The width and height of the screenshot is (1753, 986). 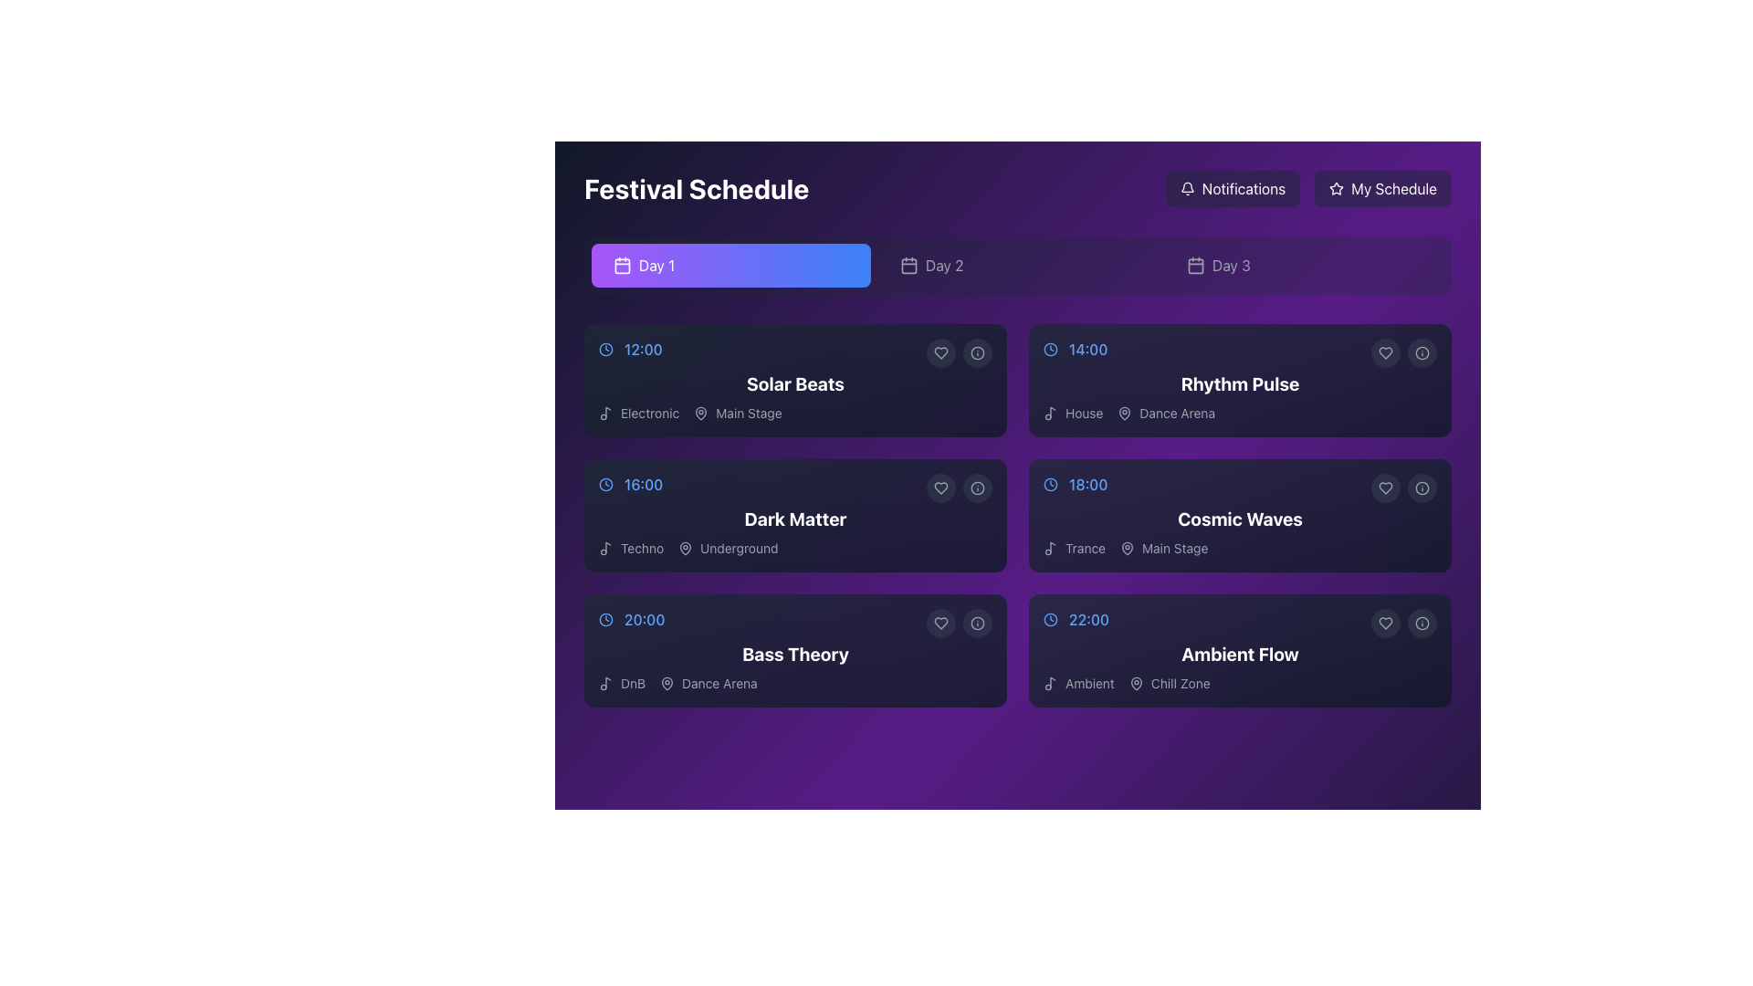 I want to click on text label displaying 'Dance Arena' that is styled in light color within a dark themed UI, located to the right of a location icon and below the 'Rhythm Pulse' section, so click(x=1177, y=413).